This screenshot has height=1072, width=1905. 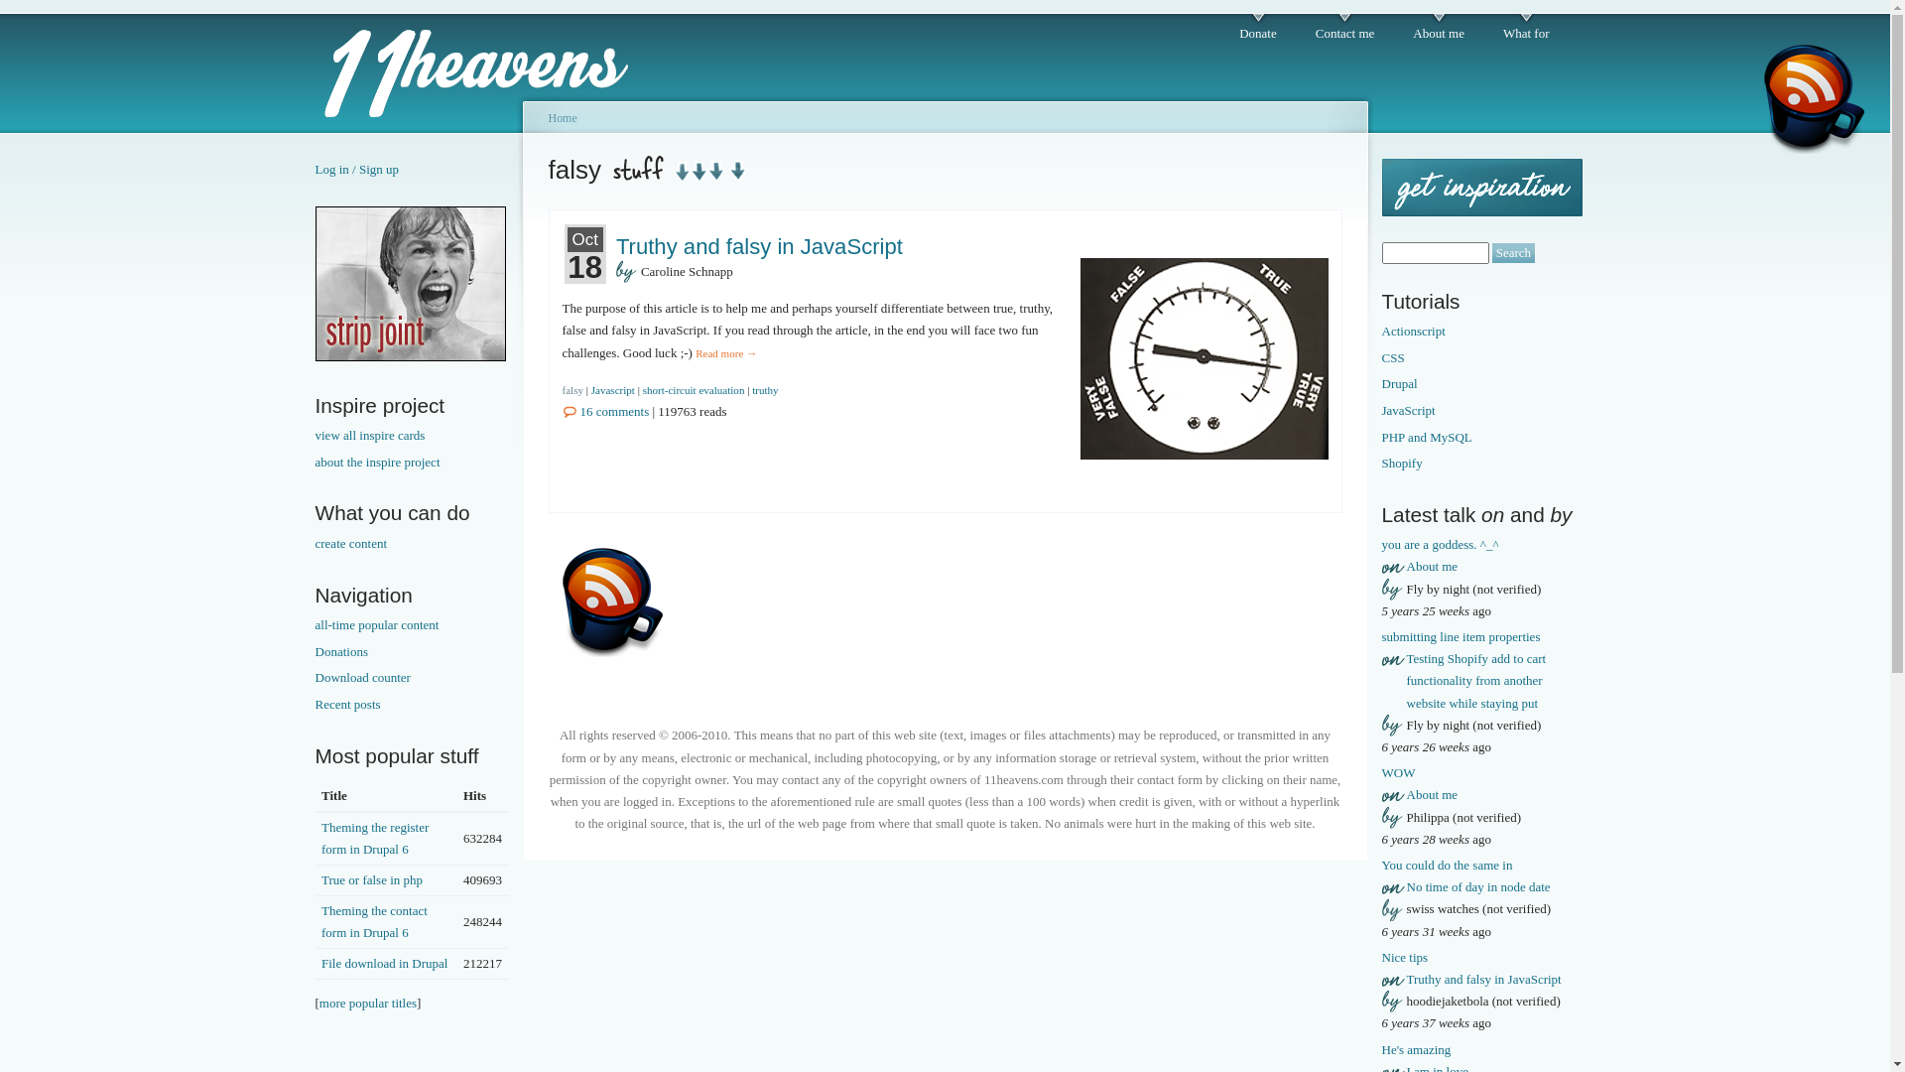 I want to click on 'Drupal', so click(x=1477, y=383).